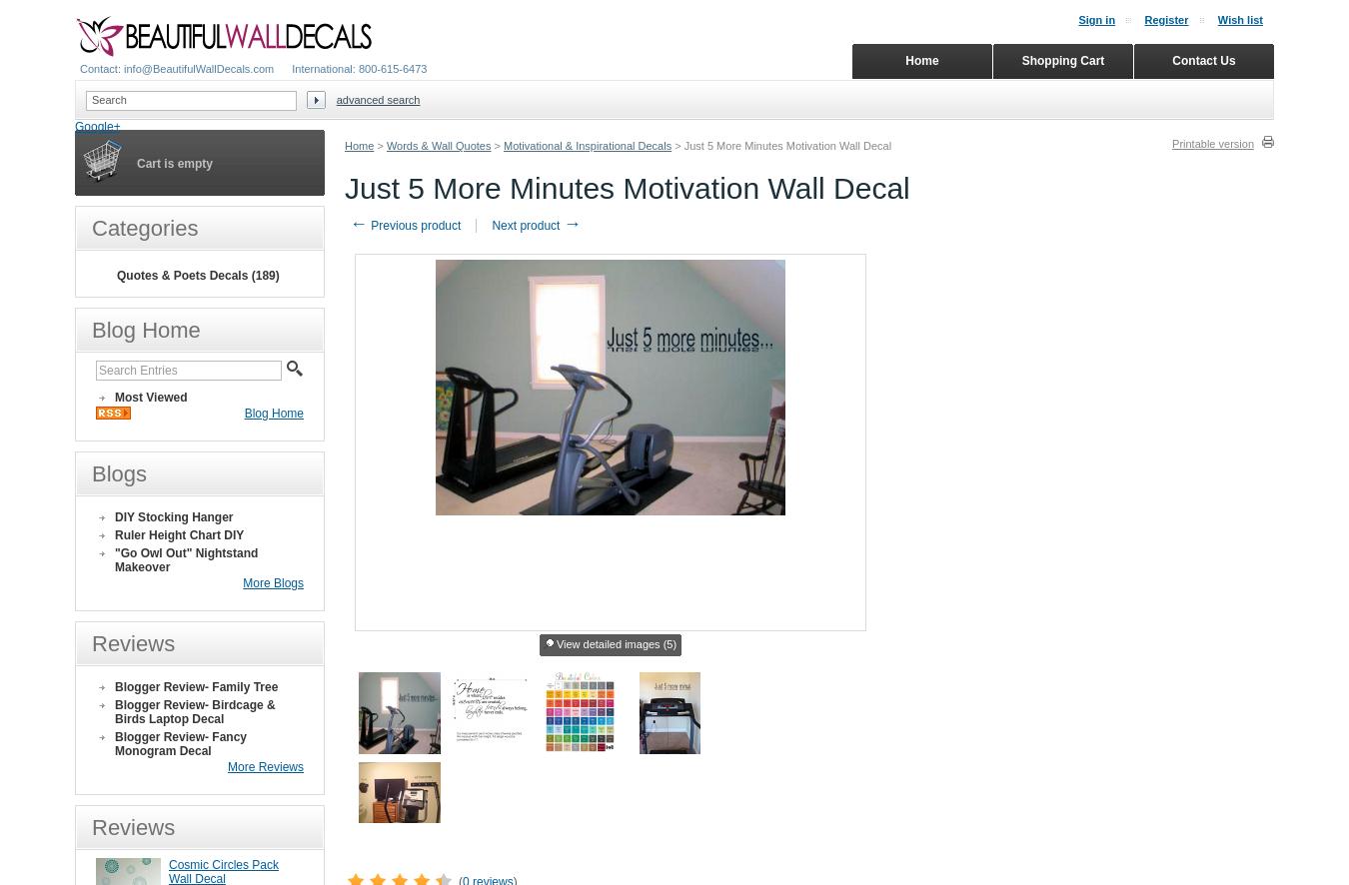 This screenshot has height=885, width=1349. I want to click on 'Printable version', so click(1212, 142).